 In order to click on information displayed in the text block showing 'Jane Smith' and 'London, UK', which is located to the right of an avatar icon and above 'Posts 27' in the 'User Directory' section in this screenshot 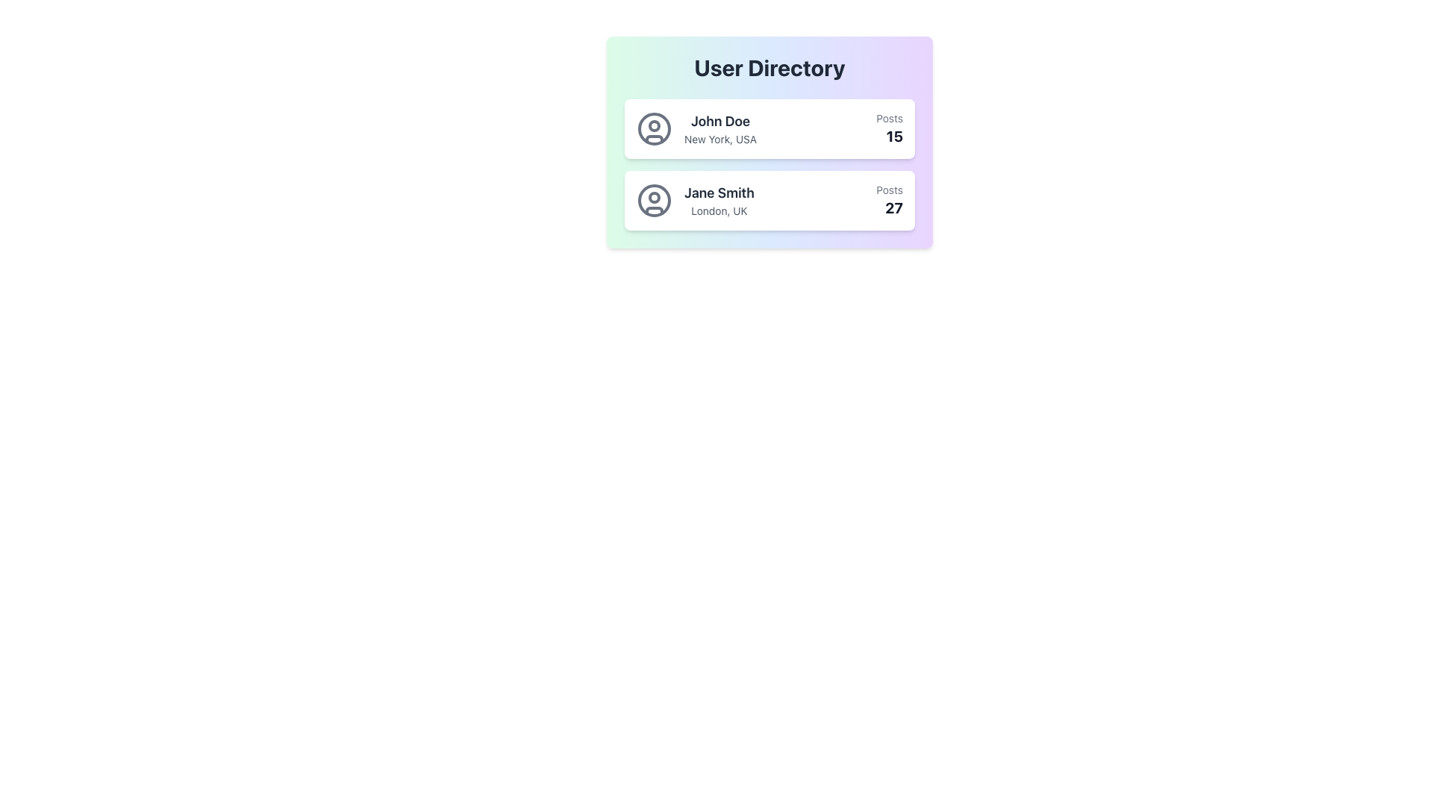, I will do `click(719, 200)`.